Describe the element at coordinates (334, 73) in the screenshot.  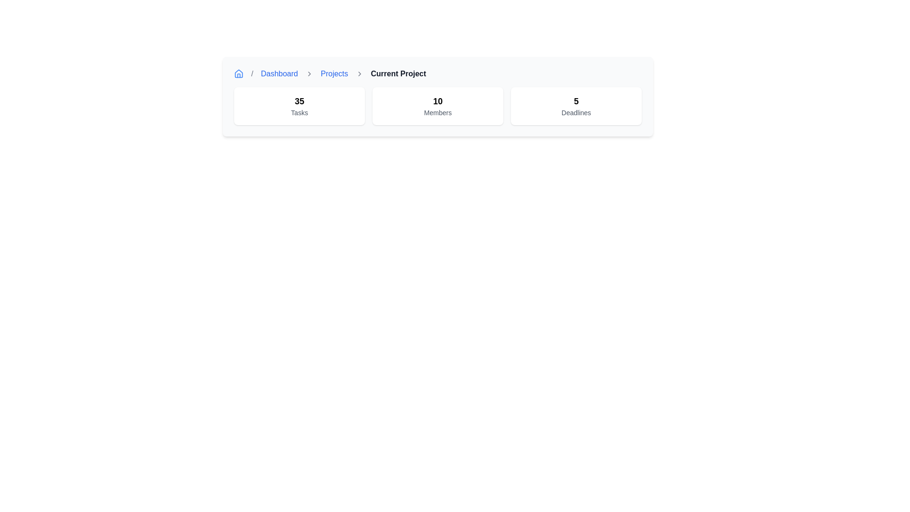
I see `the 'Projects' hyperlink in the breadcrumb navigation bar` at that location.